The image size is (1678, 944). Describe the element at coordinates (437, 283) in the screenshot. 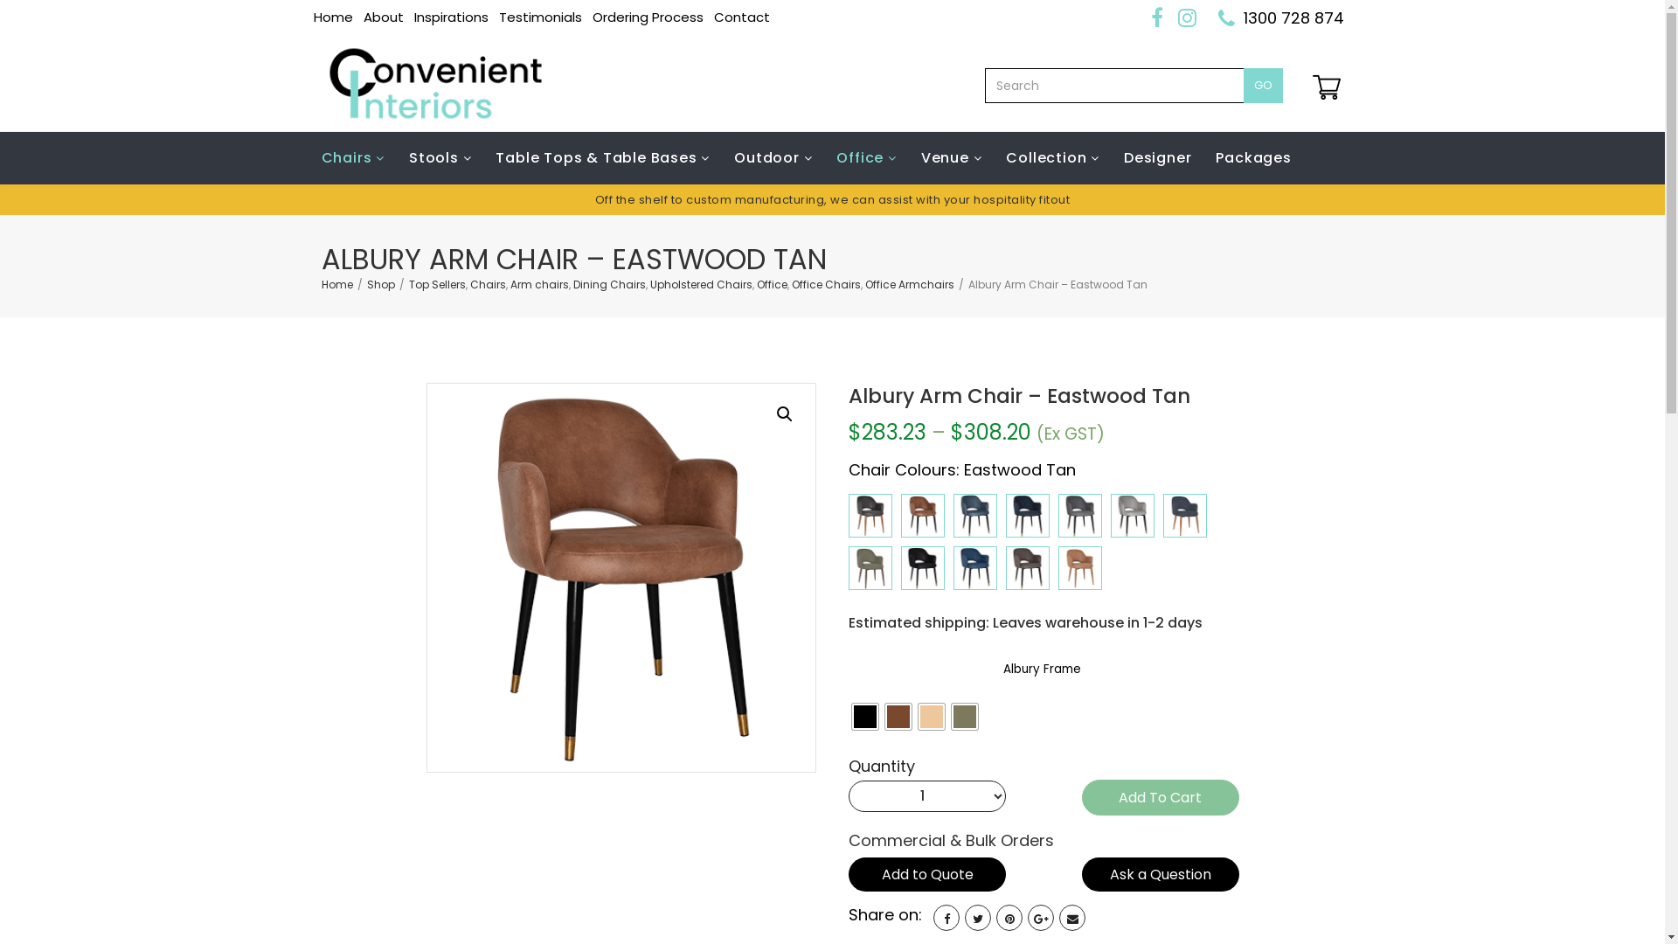

I see `'Top Sellers'` at that location.